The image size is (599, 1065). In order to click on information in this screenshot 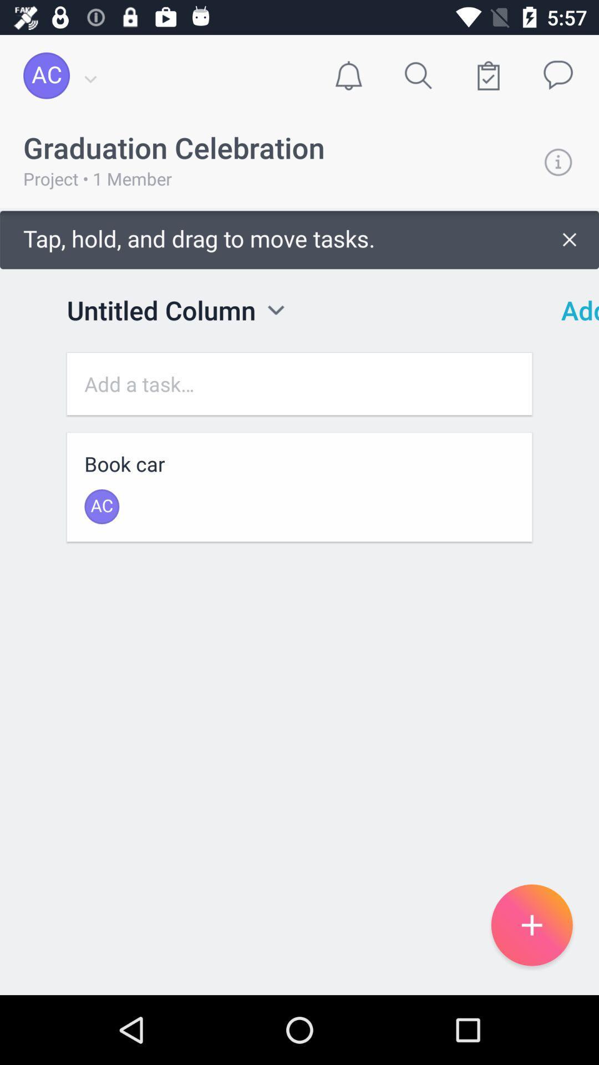, I will do `click(558, 161)`.